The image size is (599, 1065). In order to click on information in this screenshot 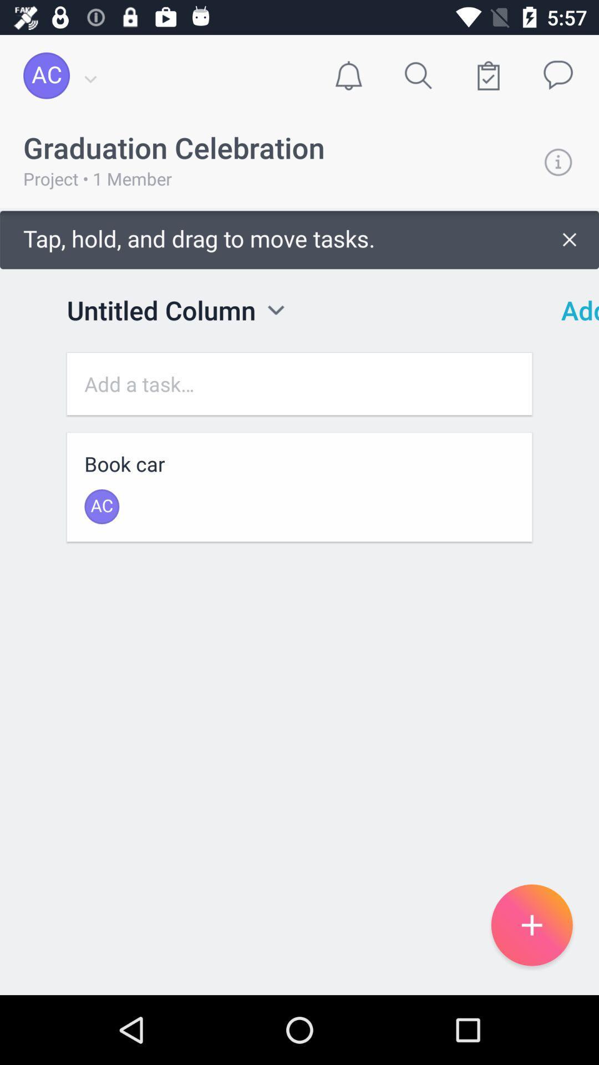, I will do `click(558, 161)`.